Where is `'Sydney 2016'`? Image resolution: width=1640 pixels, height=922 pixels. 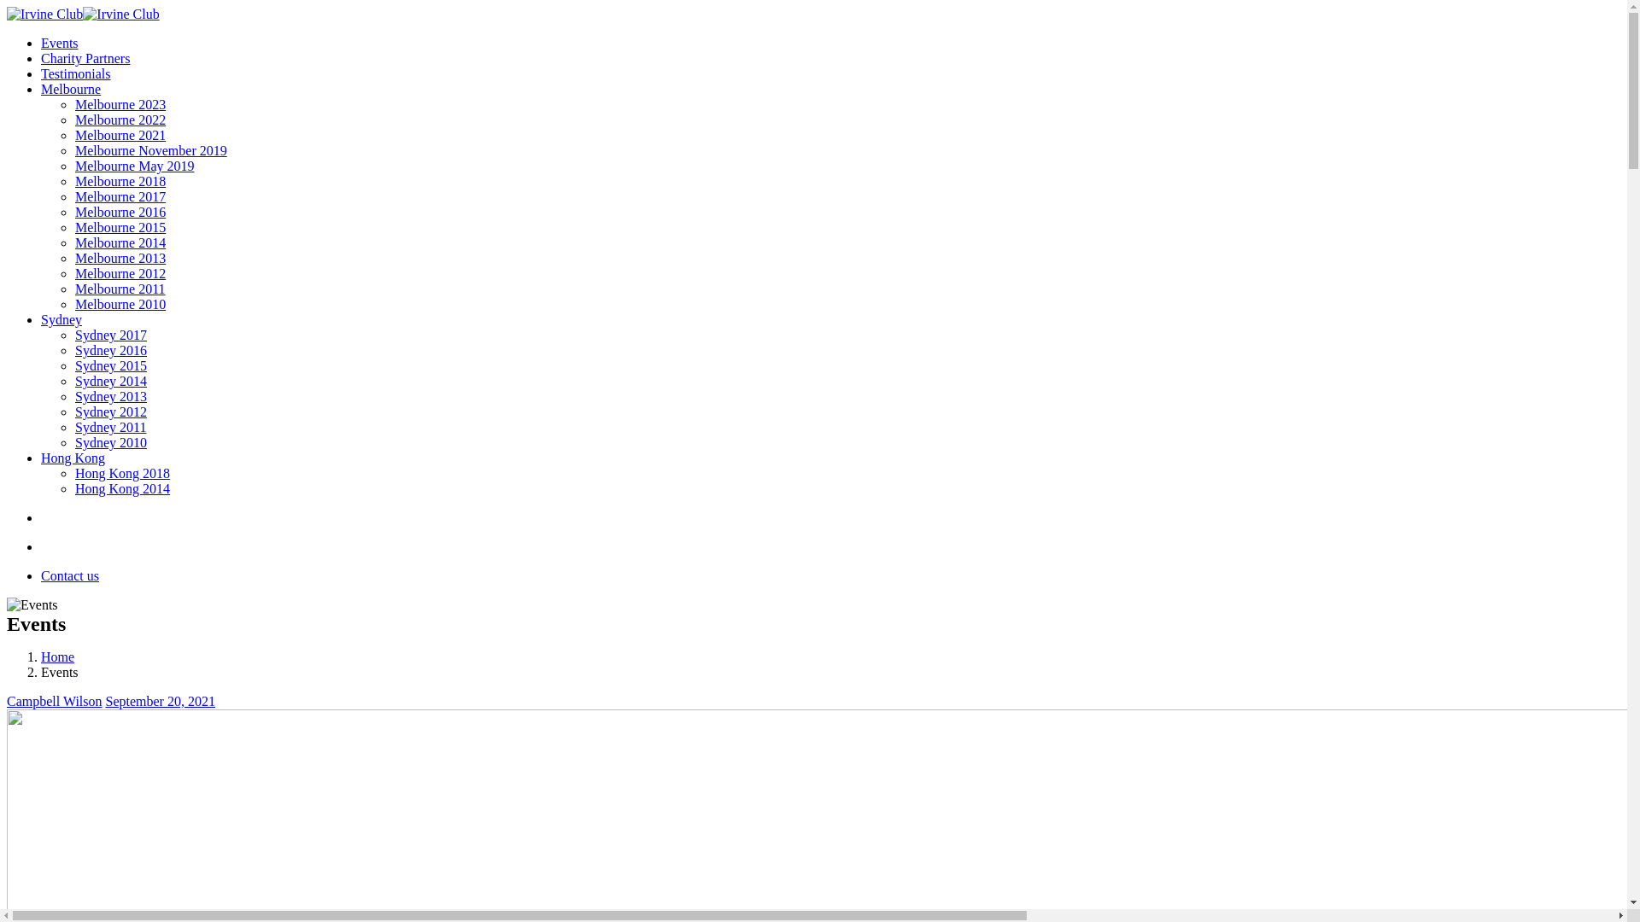
'Sydney 2016' is located at coordinates (109, 349).